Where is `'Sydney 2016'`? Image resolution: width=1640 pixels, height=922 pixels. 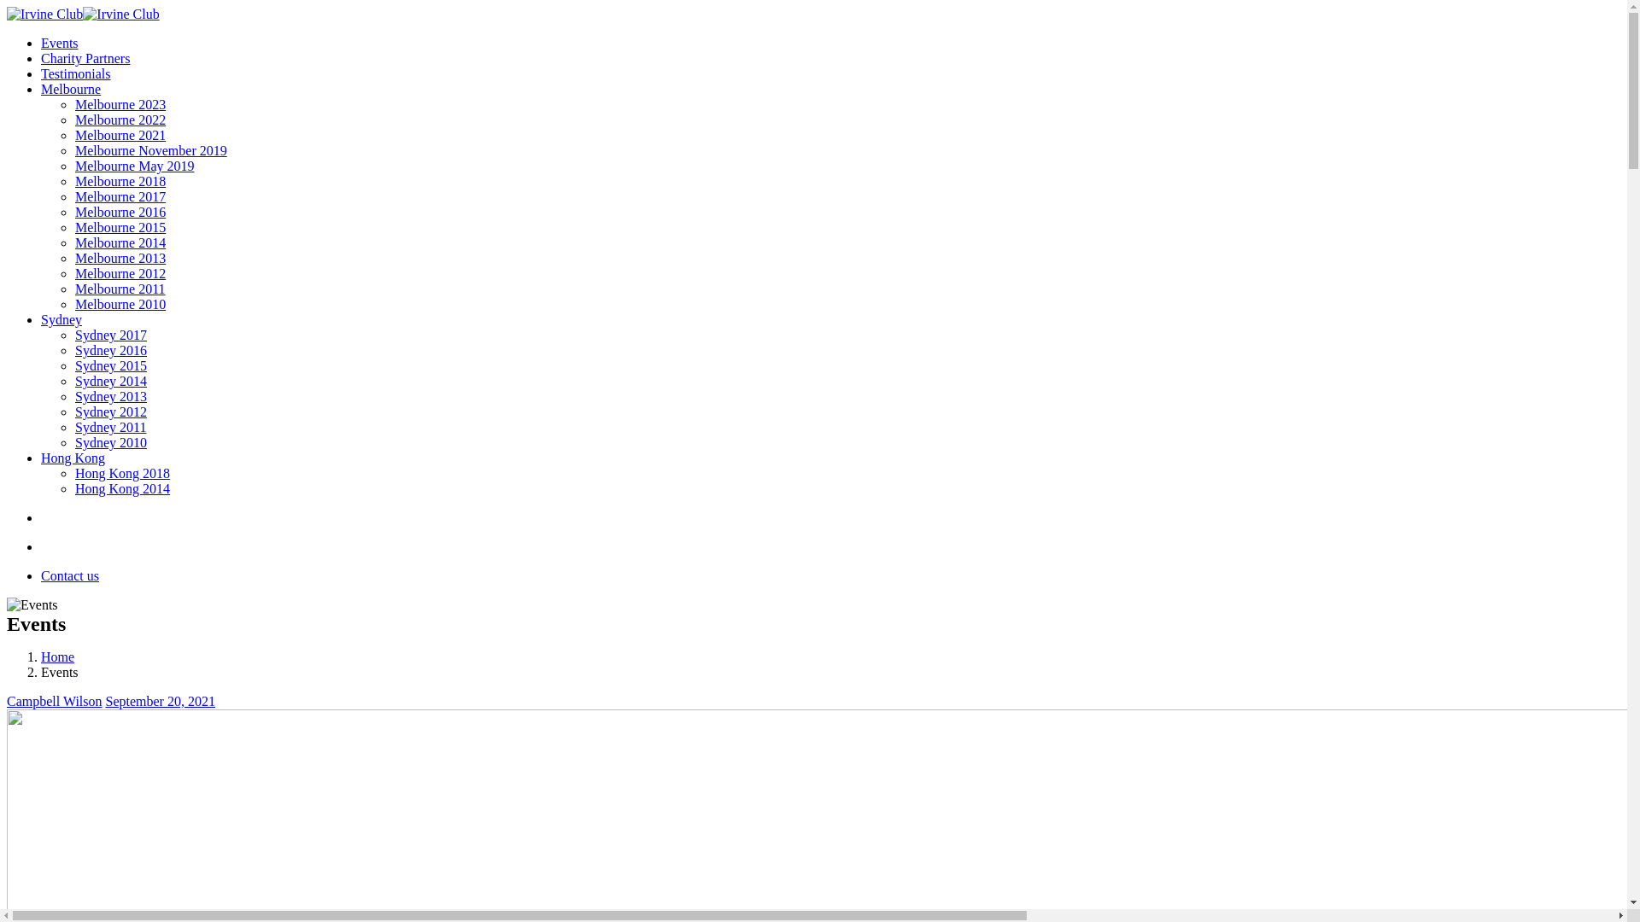
'Sydney 2016' is located at coordinates (109, 349).